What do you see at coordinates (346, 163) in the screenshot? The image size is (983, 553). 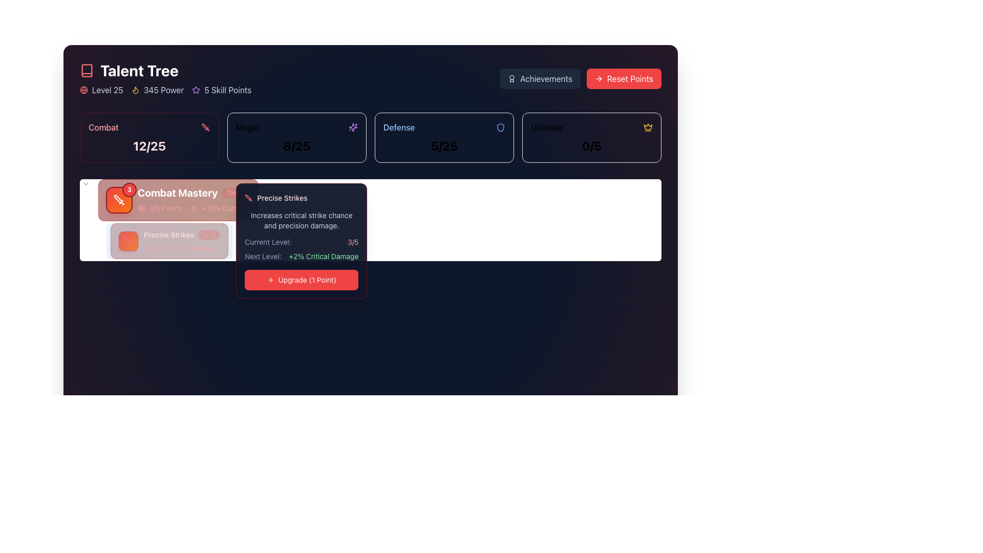 I see `the Share button located on the top section of the interface, which is the second interactive element in a horizontal line, right-aligned to the heart icon` at bounding box center [346, 163].